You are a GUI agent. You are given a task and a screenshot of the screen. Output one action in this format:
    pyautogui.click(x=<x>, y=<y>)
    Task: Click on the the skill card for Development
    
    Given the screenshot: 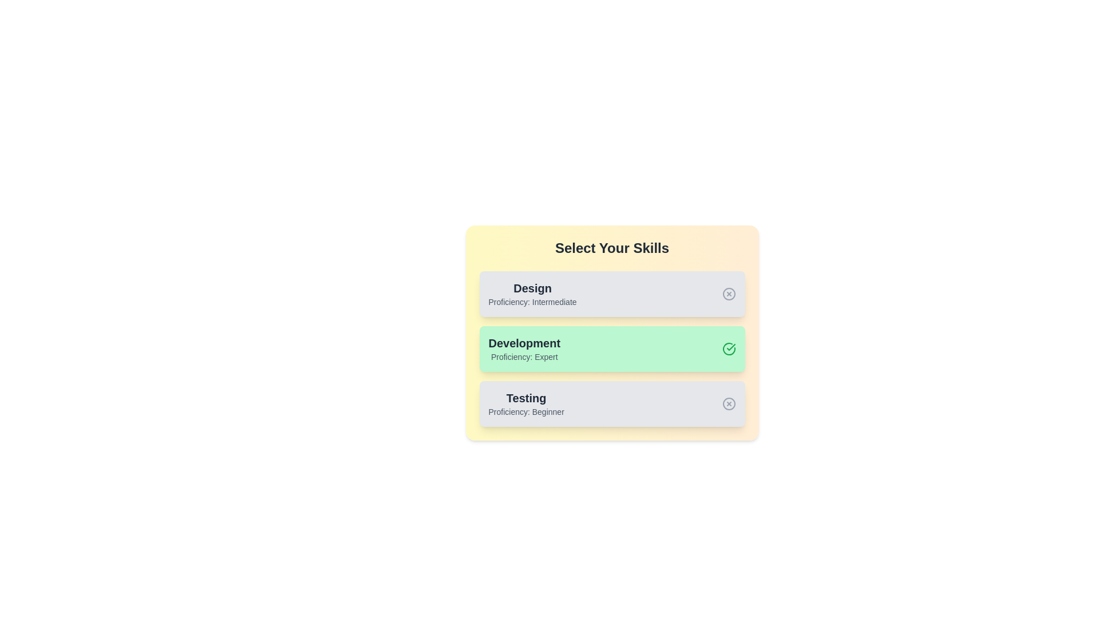 What is the action you would take?
    pyautogui.click(x=611, y=348)
    